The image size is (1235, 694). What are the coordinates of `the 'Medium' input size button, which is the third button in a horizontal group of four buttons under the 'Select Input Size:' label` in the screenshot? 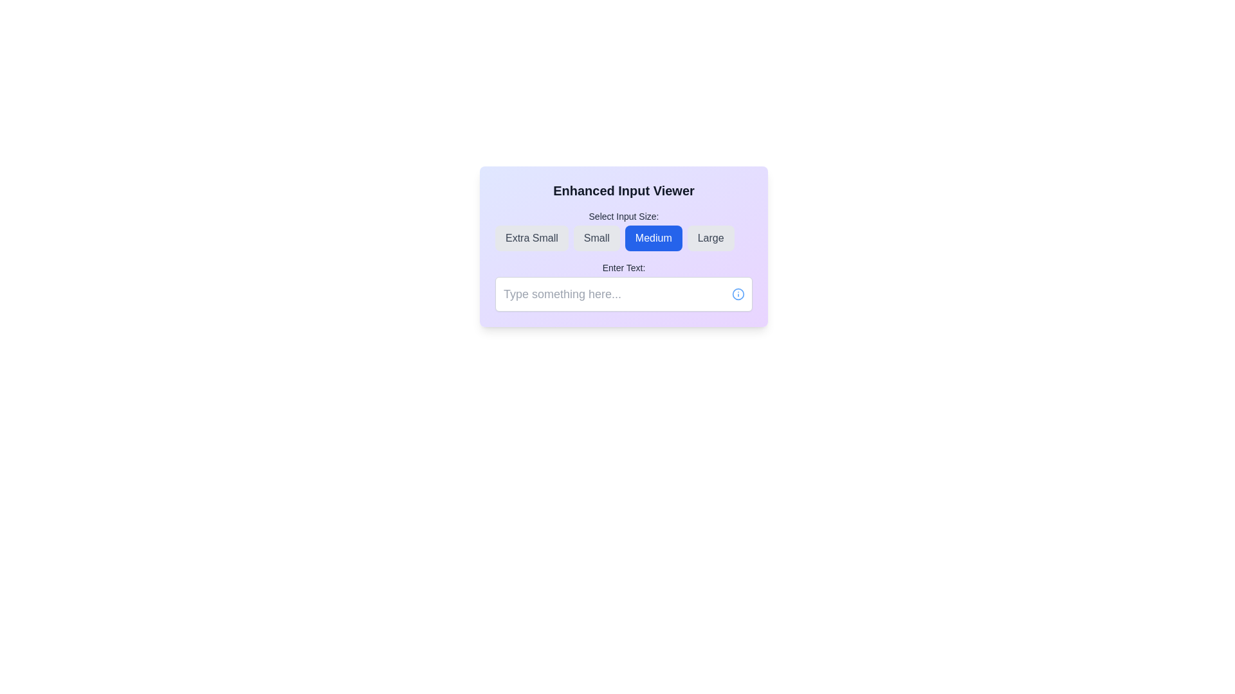 It's located at (654, 238).